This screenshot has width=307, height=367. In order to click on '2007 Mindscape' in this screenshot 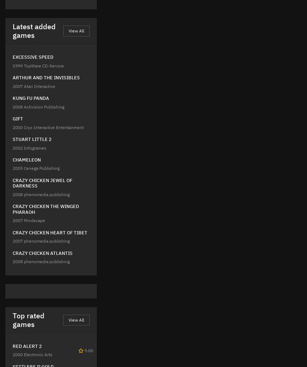, I will do `click(29, 220)`.